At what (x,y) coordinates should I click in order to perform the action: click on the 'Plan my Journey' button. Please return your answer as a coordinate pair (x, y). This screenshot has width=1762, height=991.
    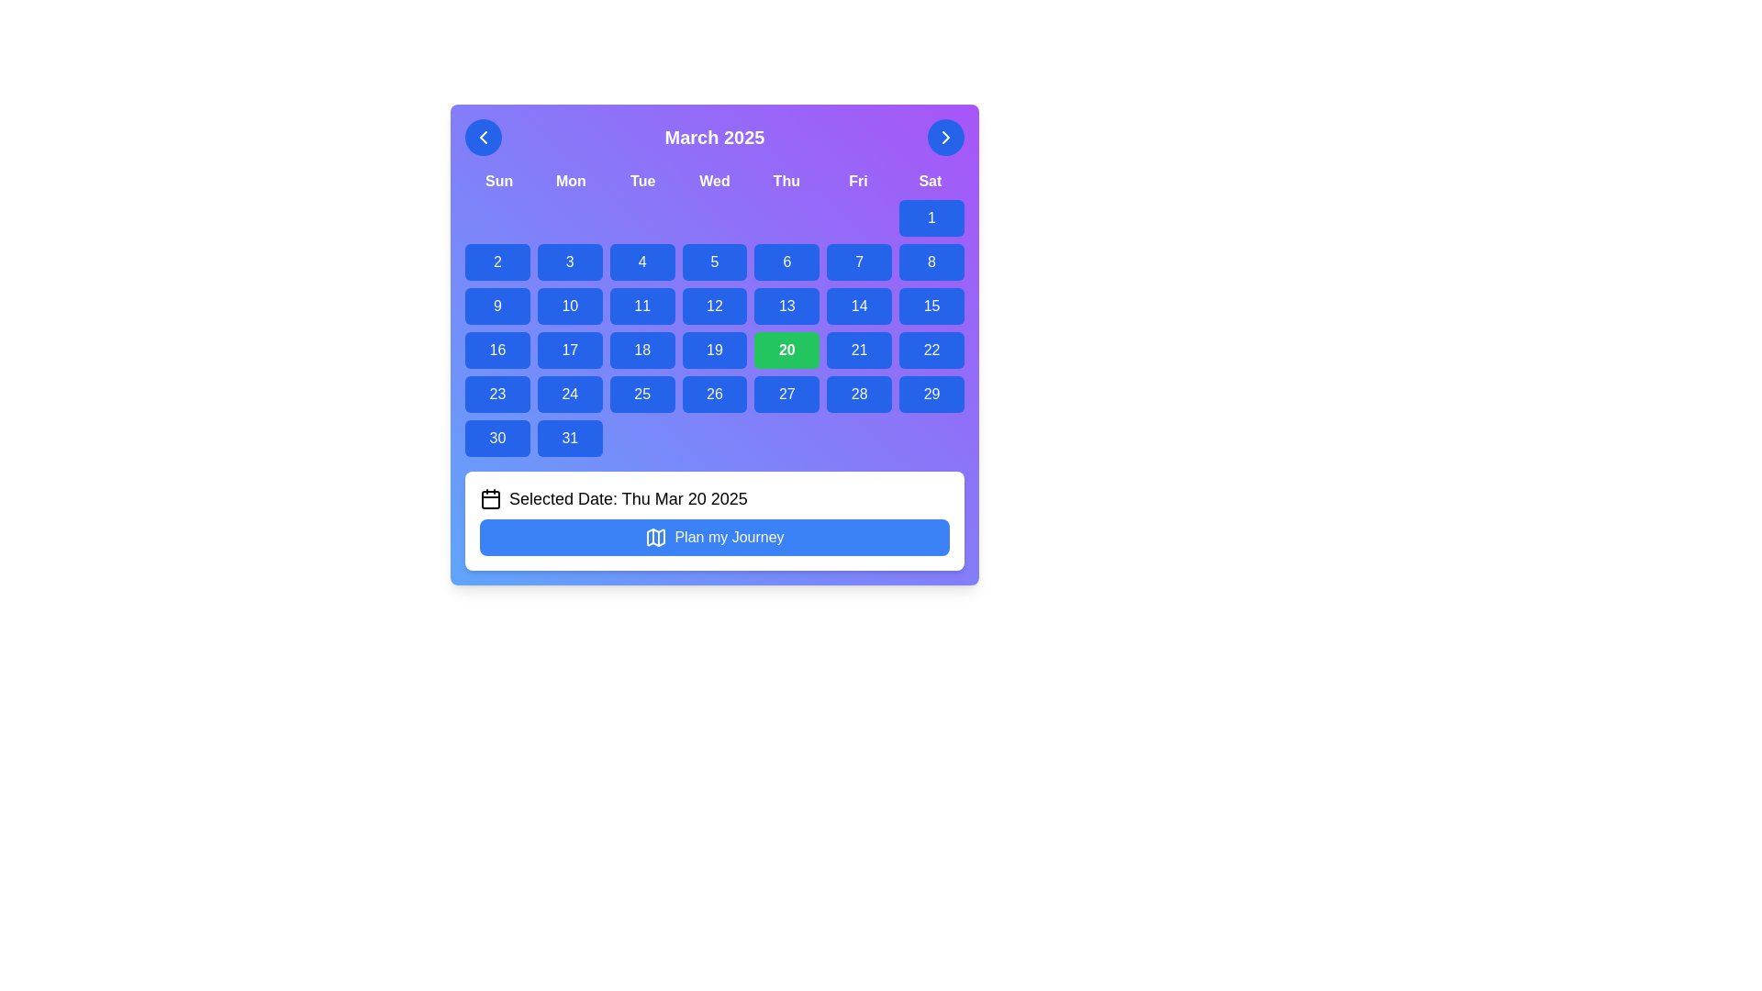
    Looking at the image, I should click on (656, 537).